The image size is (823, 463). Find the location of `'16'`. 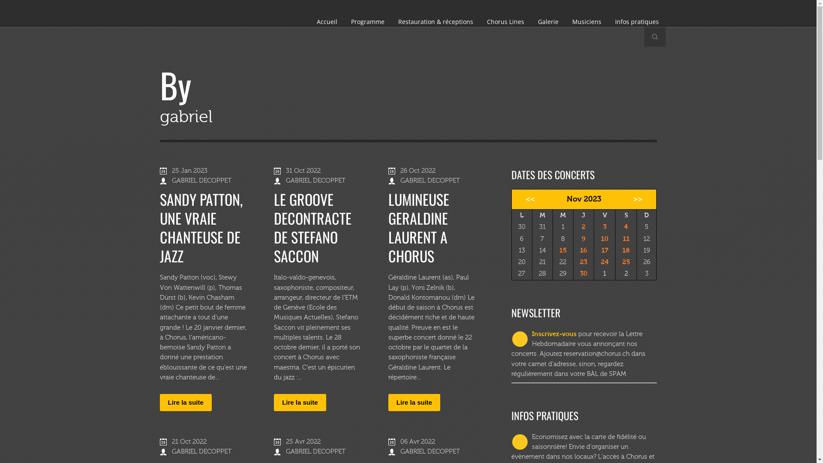

'16' is located at coordinates (583, 250).